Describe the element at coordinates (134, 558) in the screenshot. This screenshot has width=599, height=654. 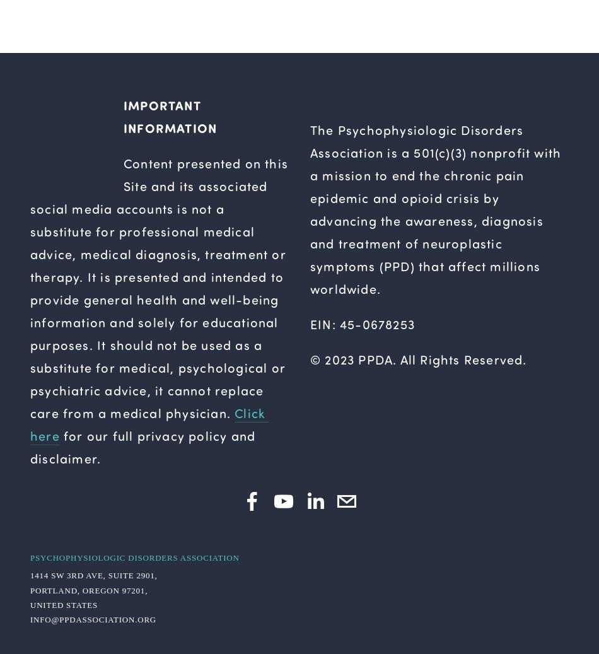
I see `'Psychophysiologic Disorders Association'` at that location.